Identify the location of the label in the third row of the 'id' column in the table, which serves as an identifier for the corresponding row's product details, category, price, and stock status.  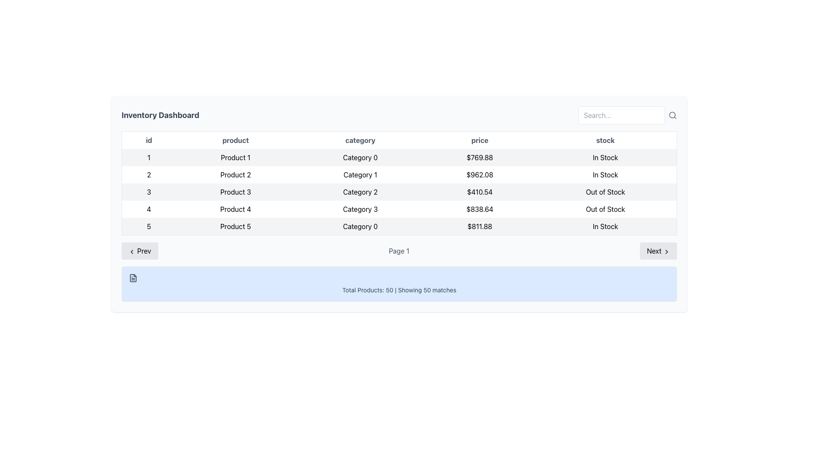
(149, 192).